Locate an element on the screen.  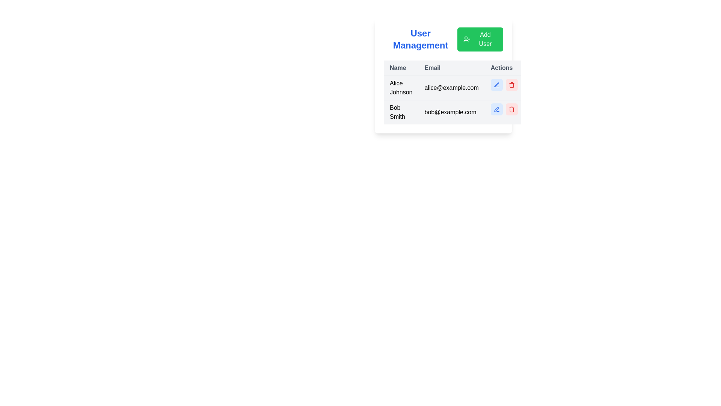
the static text label displaying the email address for user 'Bob Smith', located in the second row of the table in the 'Email' column is located at coordinates (451, 112).